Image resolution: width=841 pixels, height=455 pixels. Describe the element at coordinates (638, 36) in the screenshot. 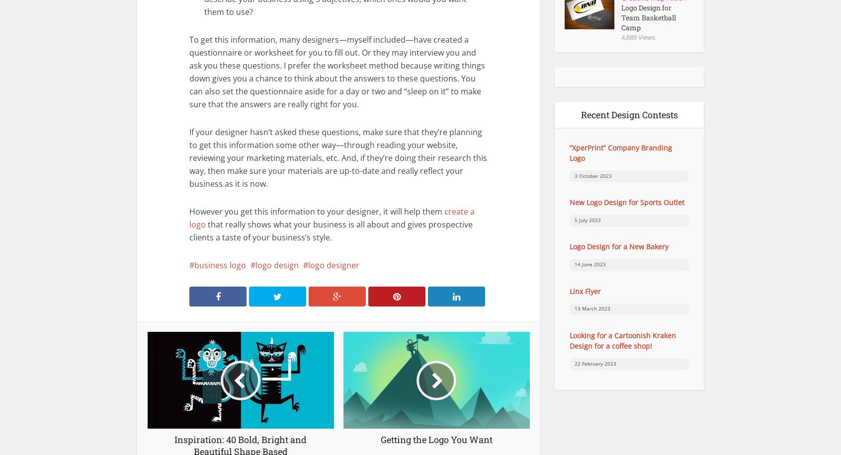

I see `'4,889 Views'` at that location.